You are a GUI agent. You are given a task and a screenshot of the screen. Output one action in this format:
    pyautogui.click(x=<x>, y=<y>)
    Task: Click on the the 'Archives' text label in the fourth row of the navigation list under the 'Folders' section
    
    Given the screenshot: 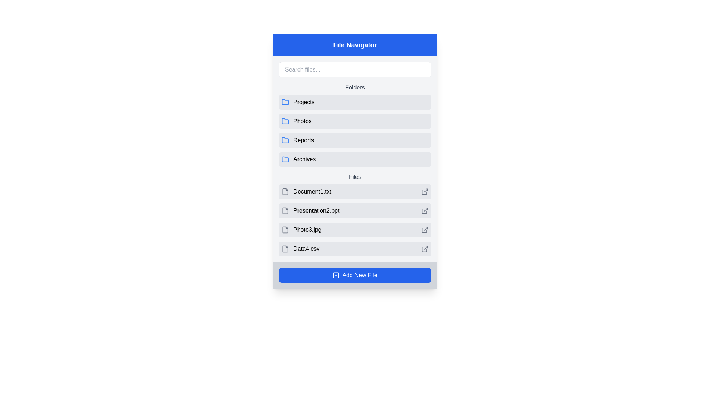 What is the action you would take?
    pyautogui.click(x=304, y=159)
    